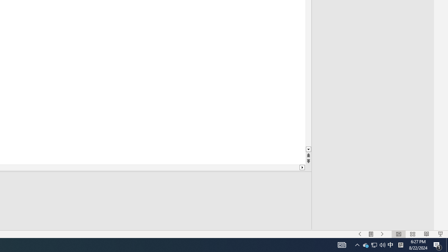 The width and height of the screenshot is (448, 252). Describe the element at coordinates (360, 234) in the screenshot. I see `'Slide Show Previous On'` at that location.